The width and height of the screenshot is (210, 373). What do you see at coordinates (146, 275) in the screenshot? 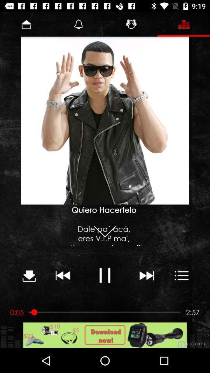
I see `the skip_next icon` at bounding box center [146, 275].